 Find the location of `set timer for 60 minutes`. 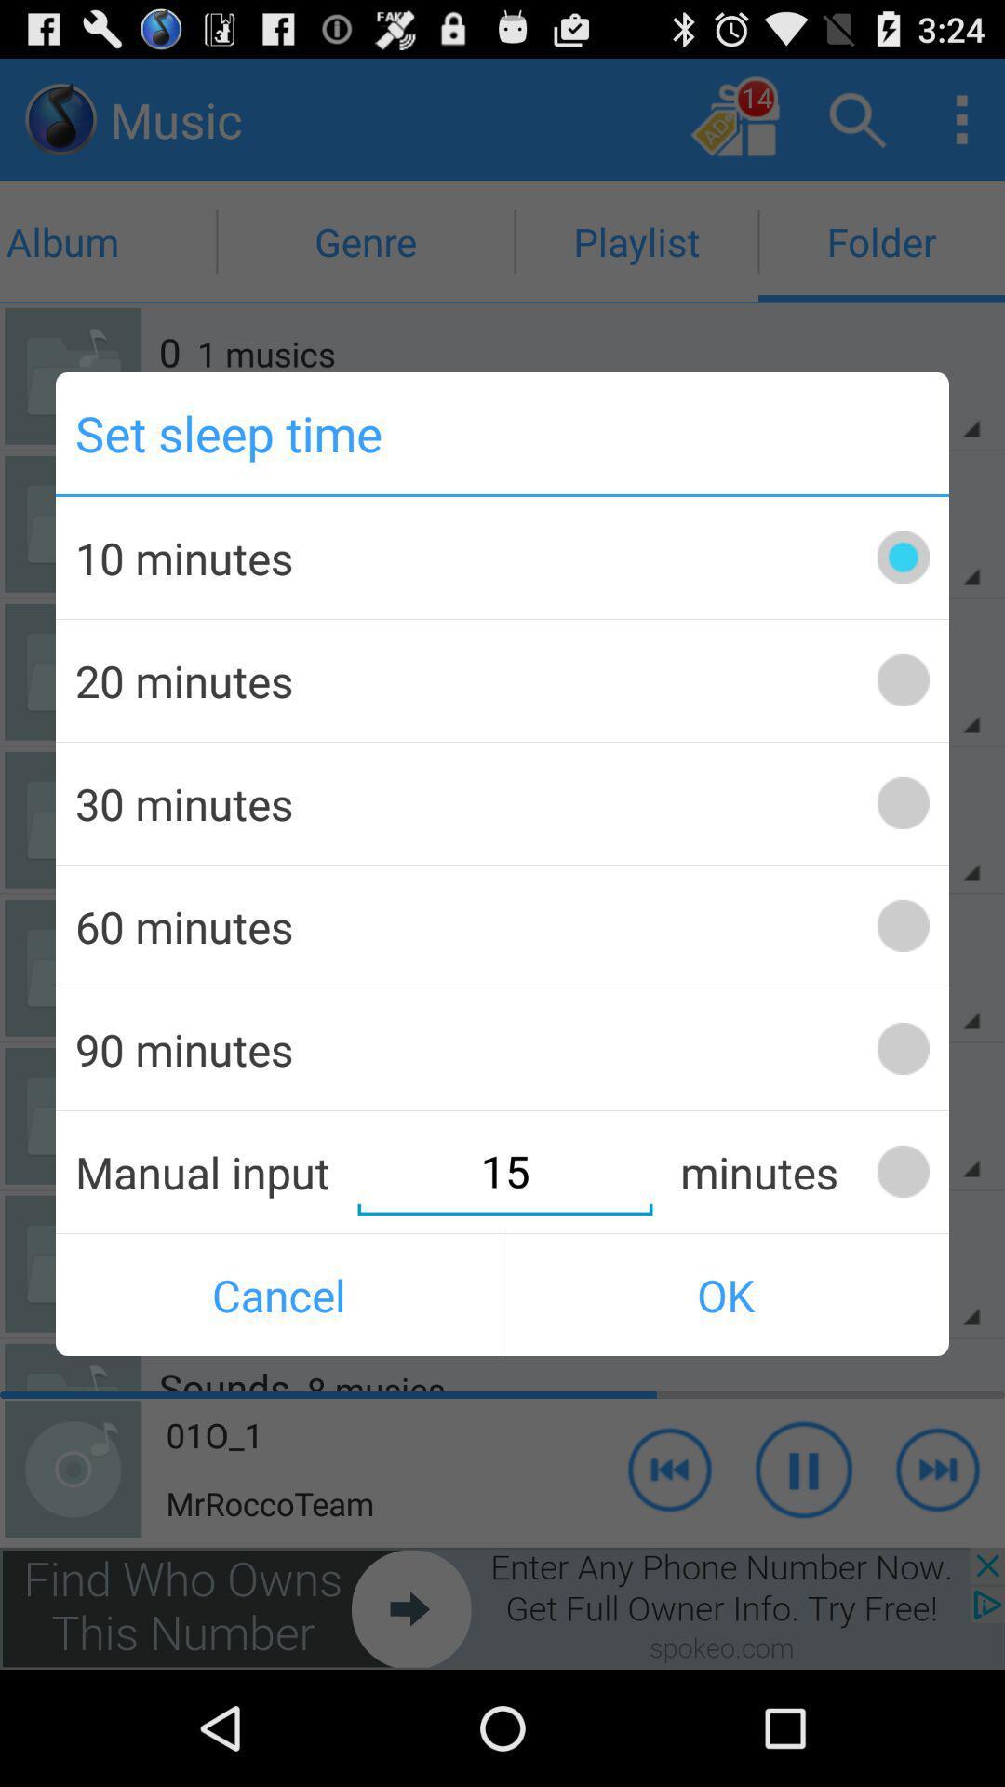

set timer for 60 minutes is located at coordinates (902, 926).